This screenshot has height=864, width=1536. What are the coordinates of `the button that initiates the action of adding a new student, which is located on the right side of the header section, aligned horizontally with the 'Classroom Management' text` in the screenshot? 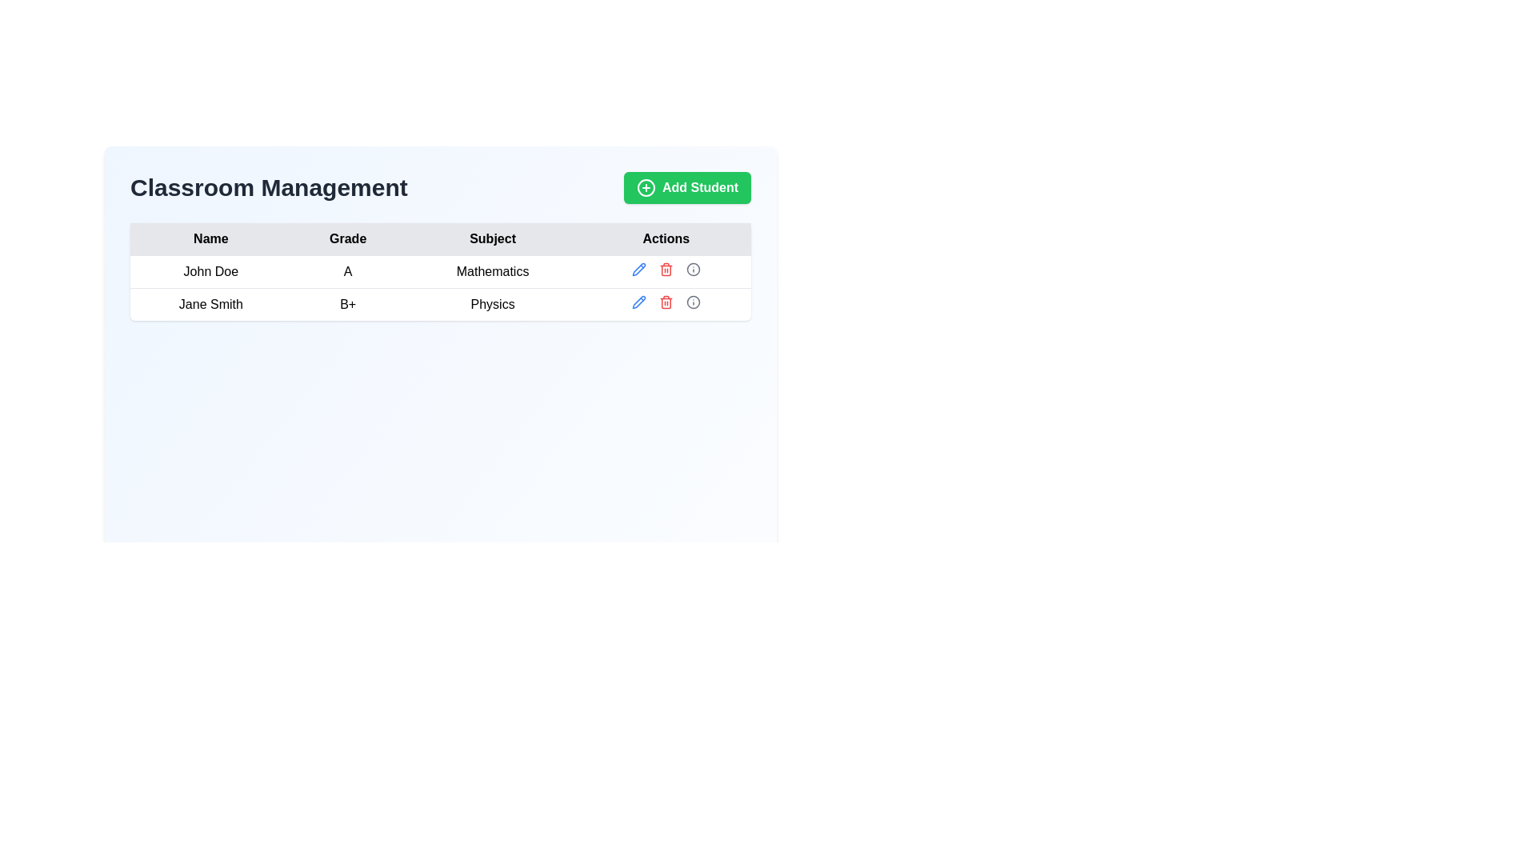 It's located at (687, 187).